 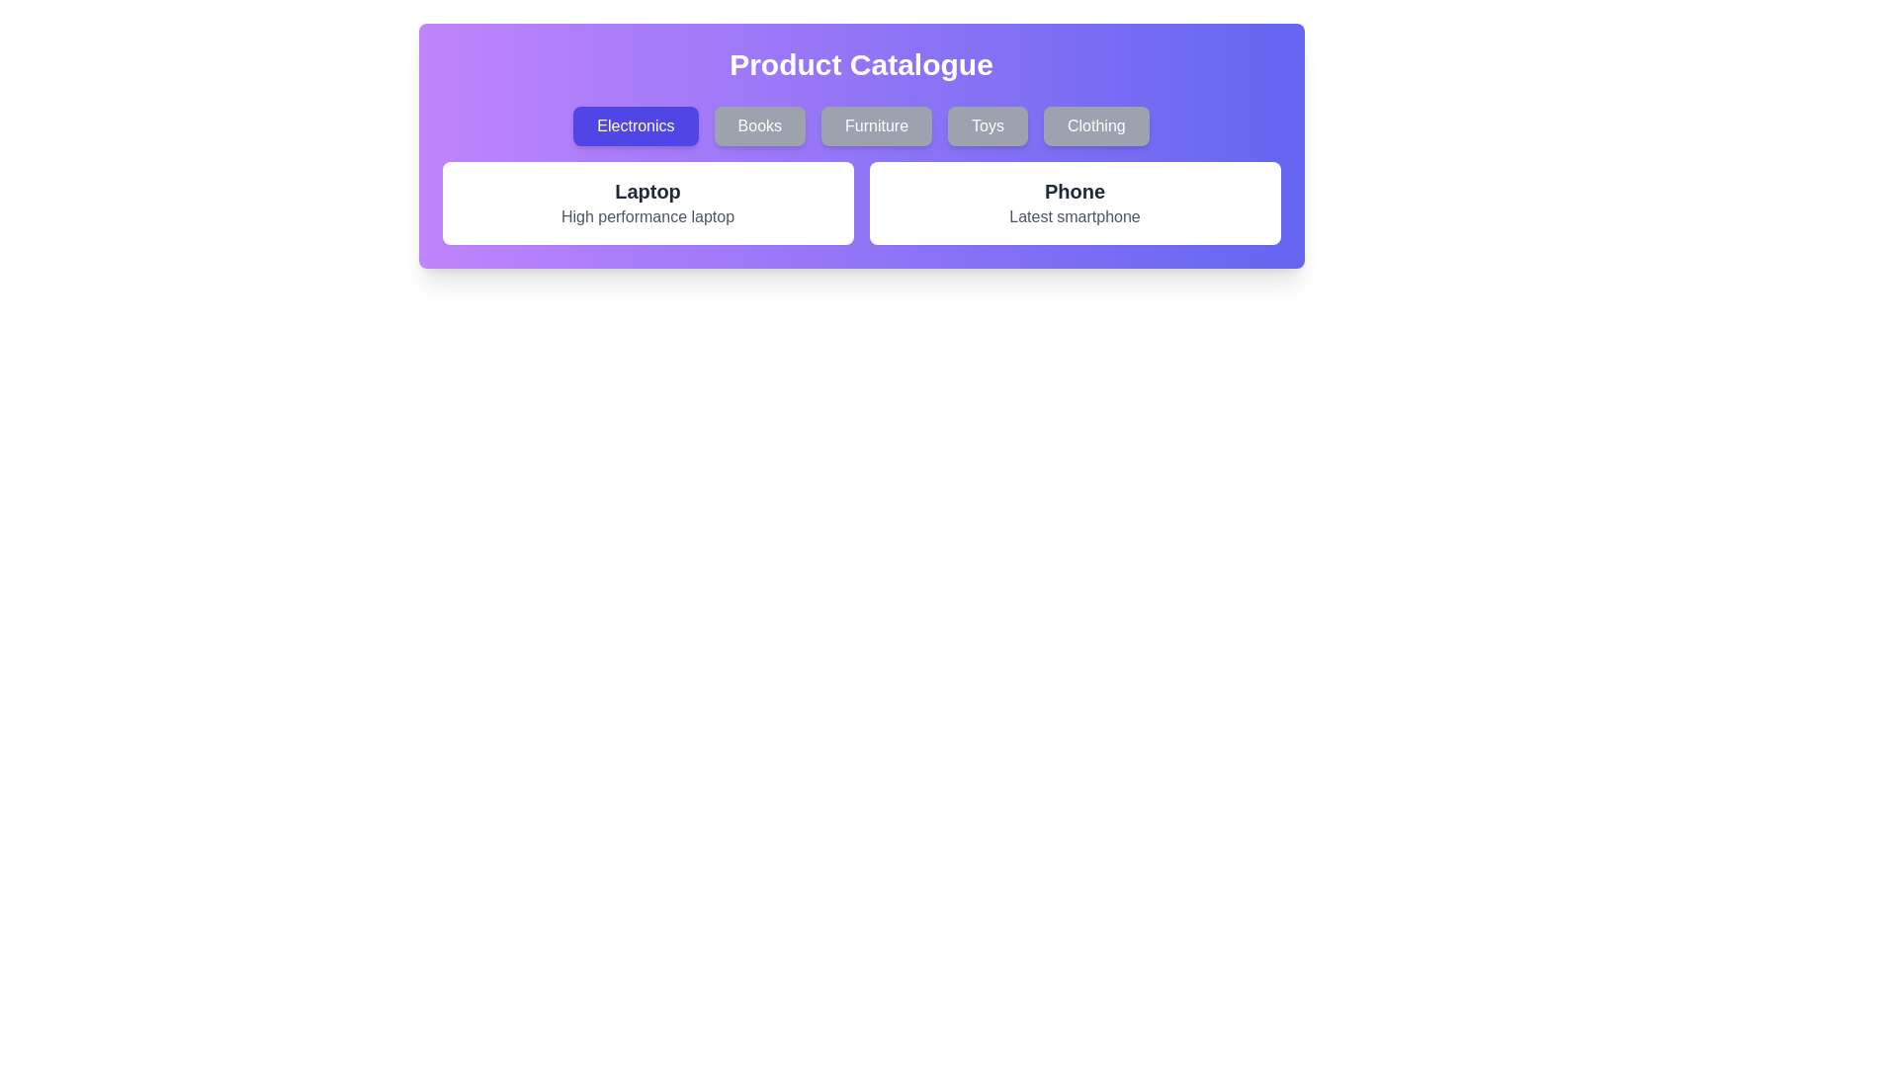 I want to click on the category button labeled Furniture to filter products, so click(x=876, y=125).